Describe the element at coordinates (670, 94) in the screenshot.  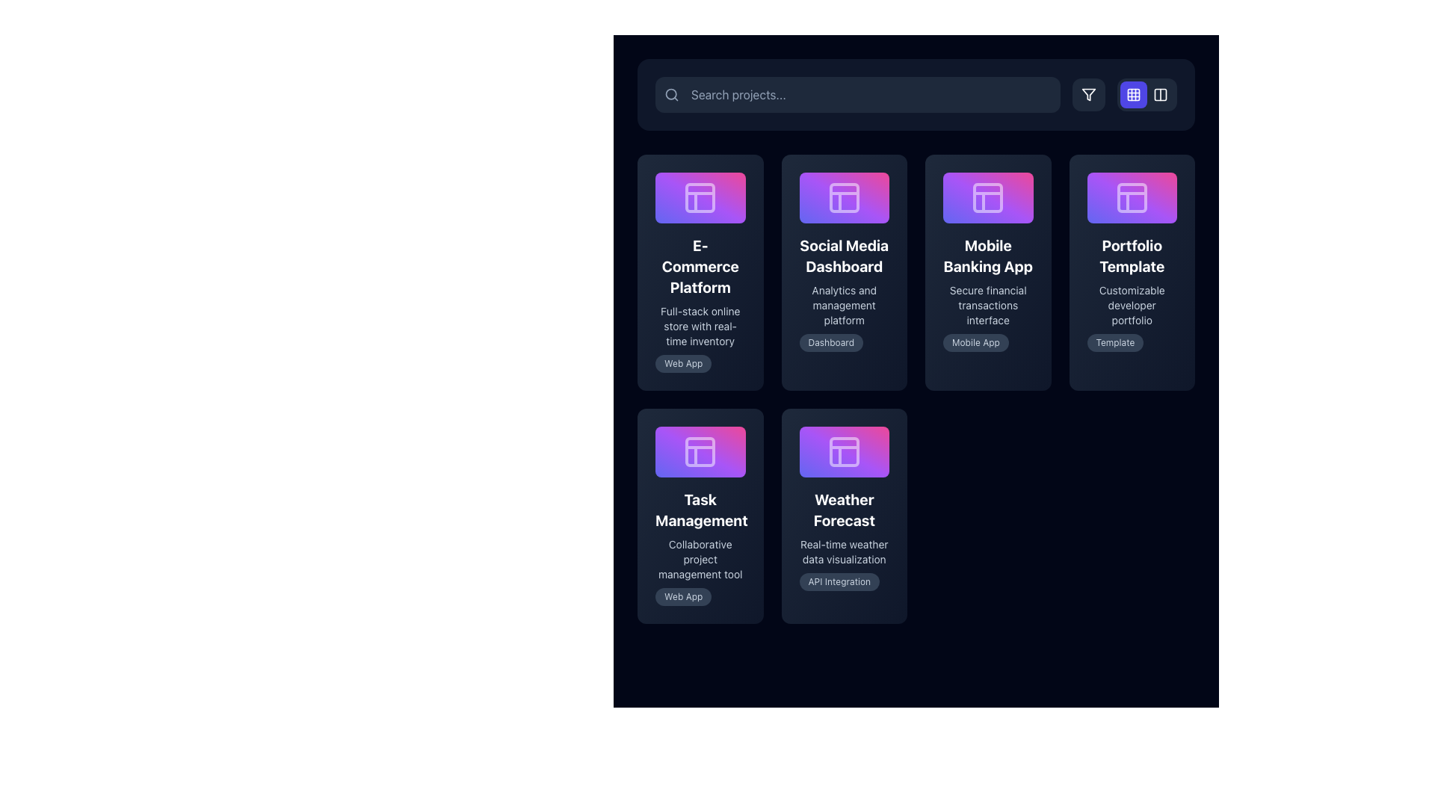
I see `the decorative component of the magnifying glass icon located inside the search bar at the top of the interface` at that location.